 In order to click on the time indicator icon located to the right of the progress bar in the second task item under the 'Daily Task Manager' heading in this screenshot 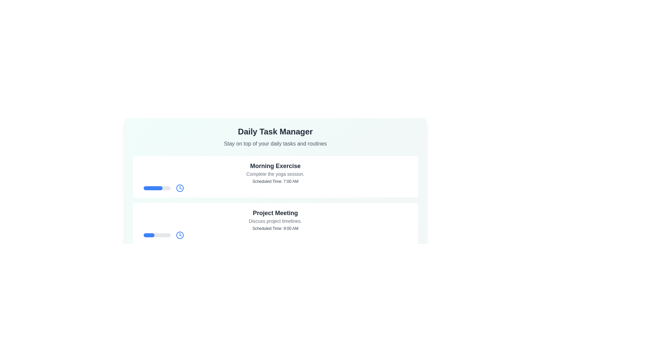, I will do `click(180, 235)`.